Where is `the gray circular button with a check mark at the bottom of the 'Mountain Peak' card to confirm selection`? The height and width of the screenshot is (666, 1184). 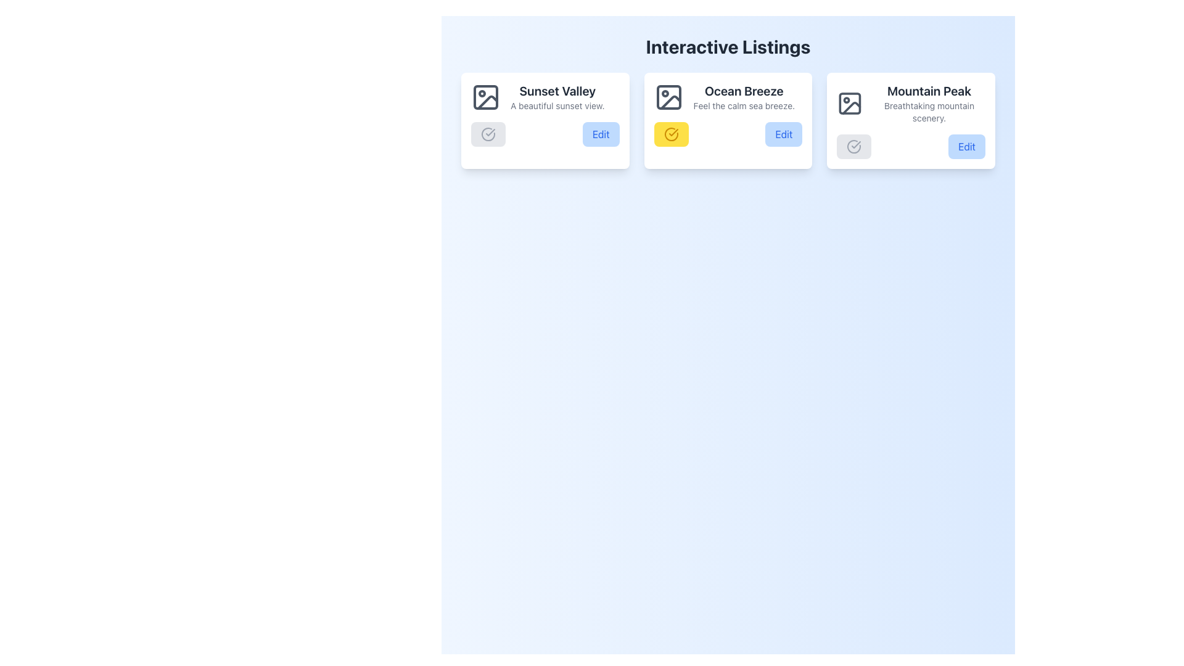 the gray circular button with a check mark at the bottom of the 'Mountain Peak' card to confirm selection is located at coordinates (911, 121).